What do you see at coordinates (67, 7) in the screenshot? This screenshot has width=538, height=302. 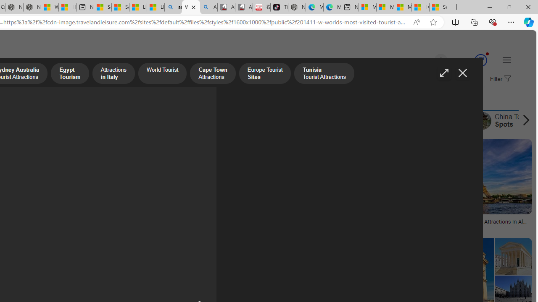 I see `'Huge shark washes ashore at New York City beach | Watch'` at bounding box center [67, 7].